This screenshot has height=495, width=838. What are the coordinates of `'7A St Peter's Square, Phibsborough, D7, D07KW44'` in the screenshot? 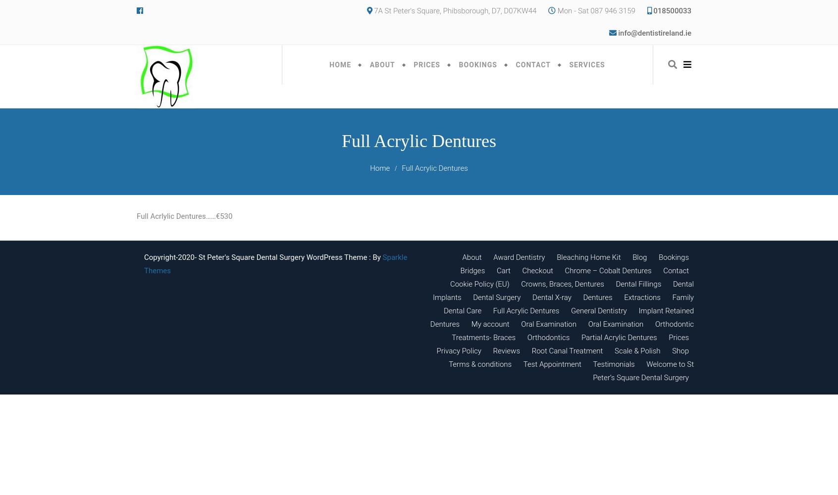 It's located at (454, 11).